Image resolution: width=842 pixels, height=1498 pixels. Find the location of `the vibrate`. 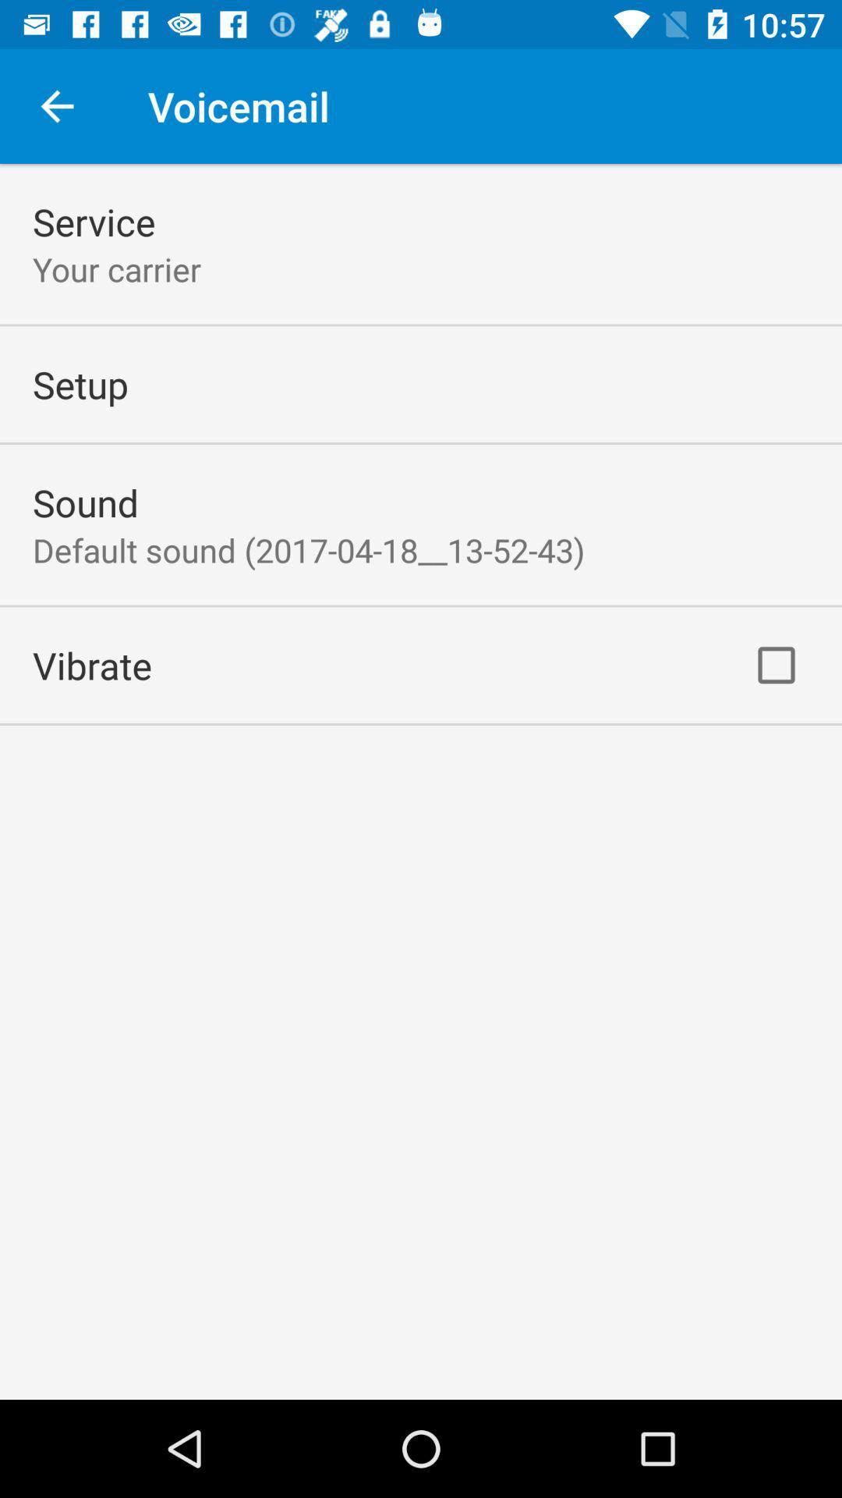

the vibrate is located at coordinates (92, 665).